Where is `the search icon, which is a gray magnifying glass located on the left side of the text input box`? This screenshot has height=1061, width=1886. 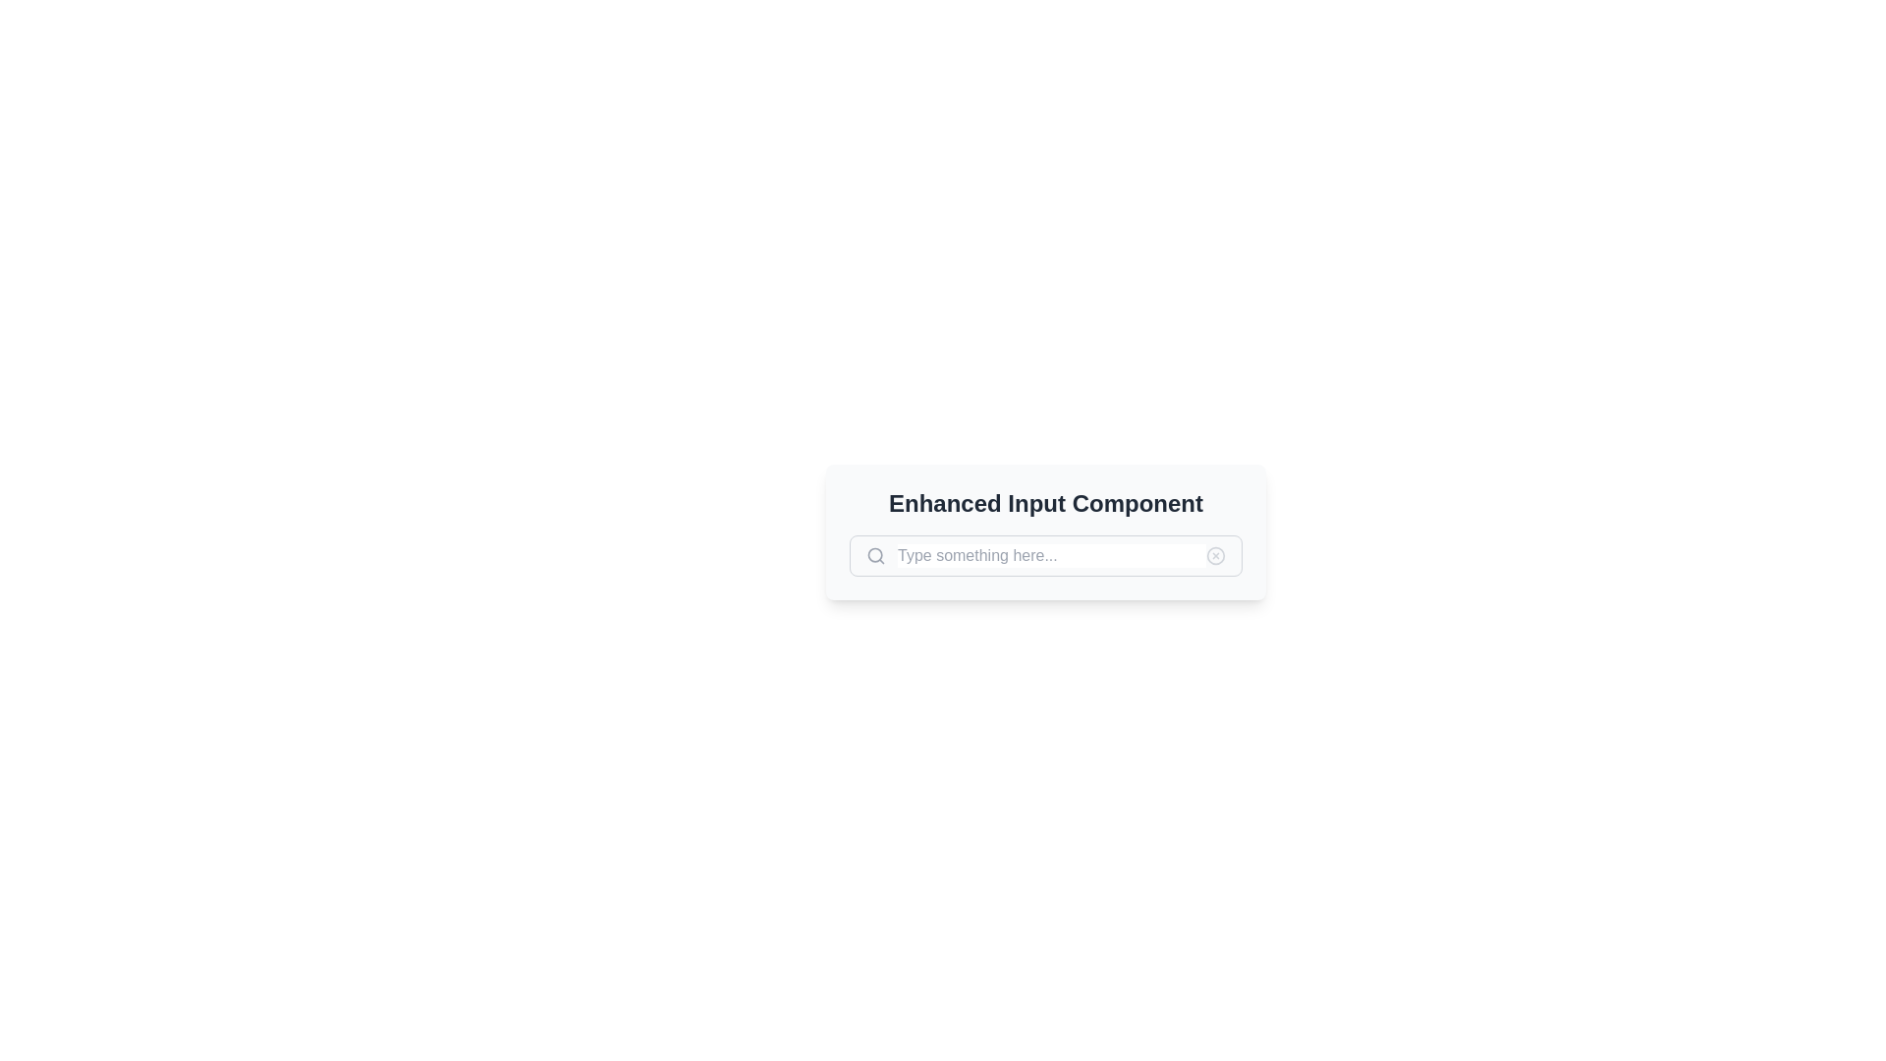 the search icon, which is a gray magnifying glass located on the left side of the text input box is located at coordinates (875, 556).